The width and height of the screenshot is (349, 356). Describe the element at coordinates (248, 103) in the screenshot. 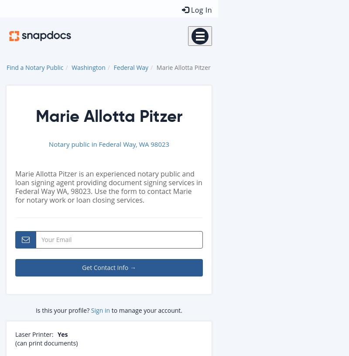

I see `'Get Started'` at that location.